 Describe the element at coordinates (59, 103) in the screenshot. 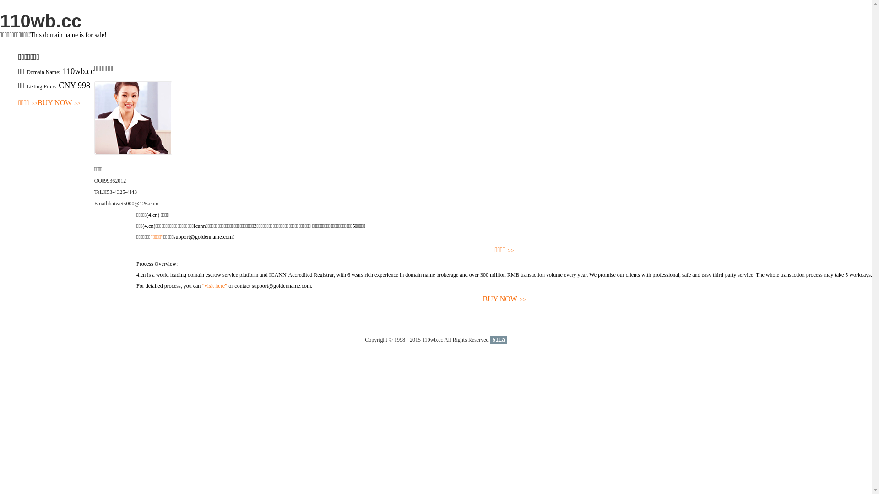

I see `'BUY NOW>>'` at that location.